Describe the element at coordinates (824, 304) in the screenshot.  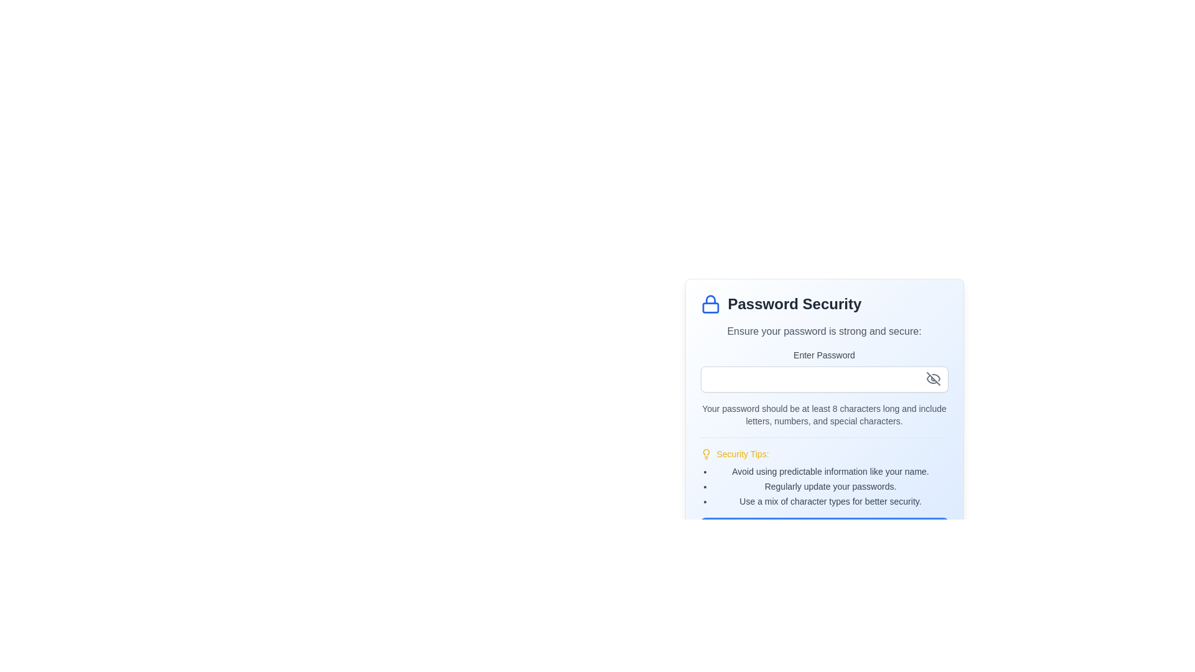
I see `the non-interactive heading element that serves as a title for the password security section, located at the top of the card-like structure` at that location.